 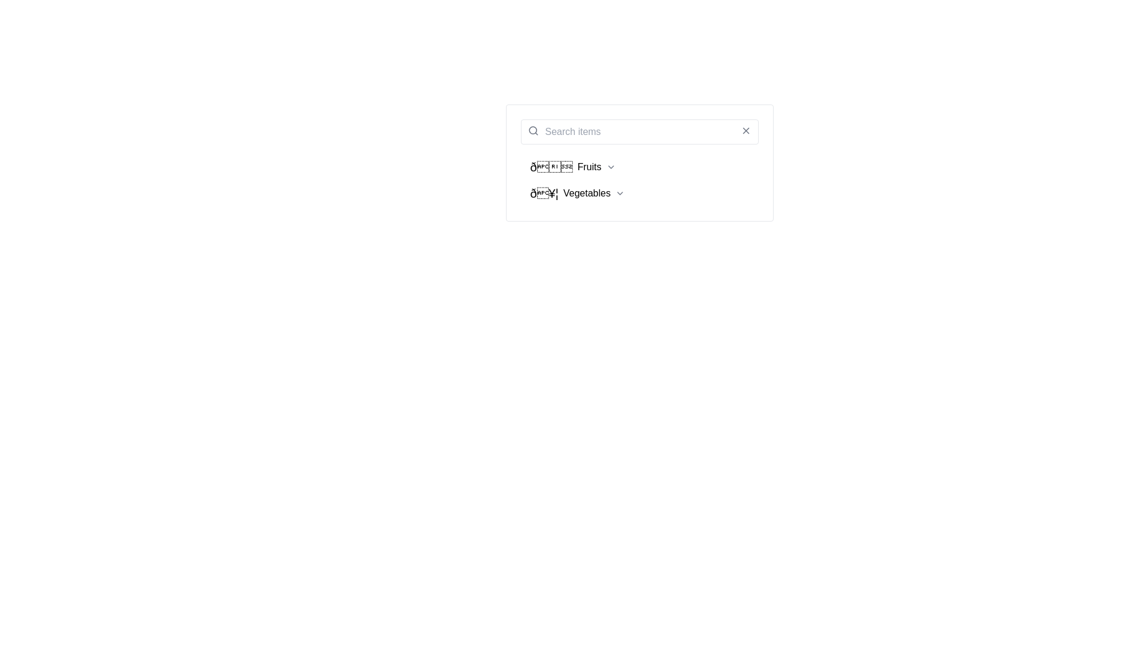 I want to click on the 'Fruits' dropdown button located in the upper portion of the vertical list, so click(x=572, y=167).